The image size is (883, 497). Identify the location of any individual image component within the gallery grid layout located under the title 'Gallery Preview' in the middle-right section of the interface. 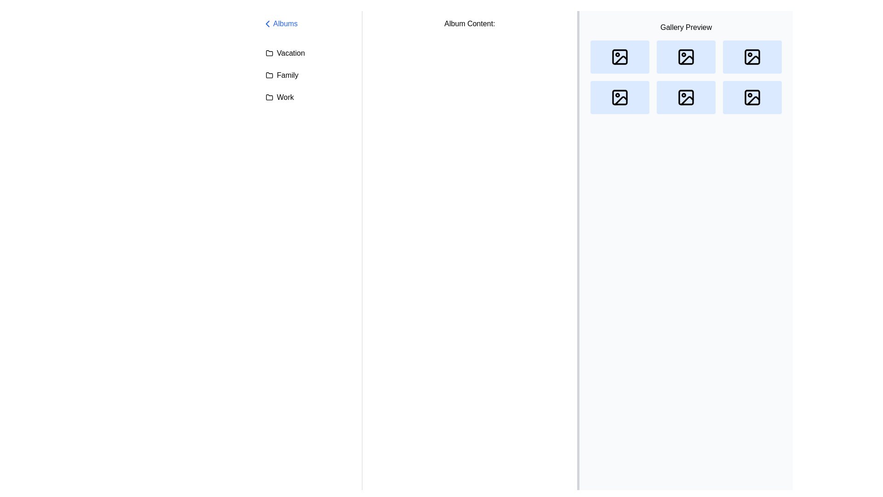
(686, 77).